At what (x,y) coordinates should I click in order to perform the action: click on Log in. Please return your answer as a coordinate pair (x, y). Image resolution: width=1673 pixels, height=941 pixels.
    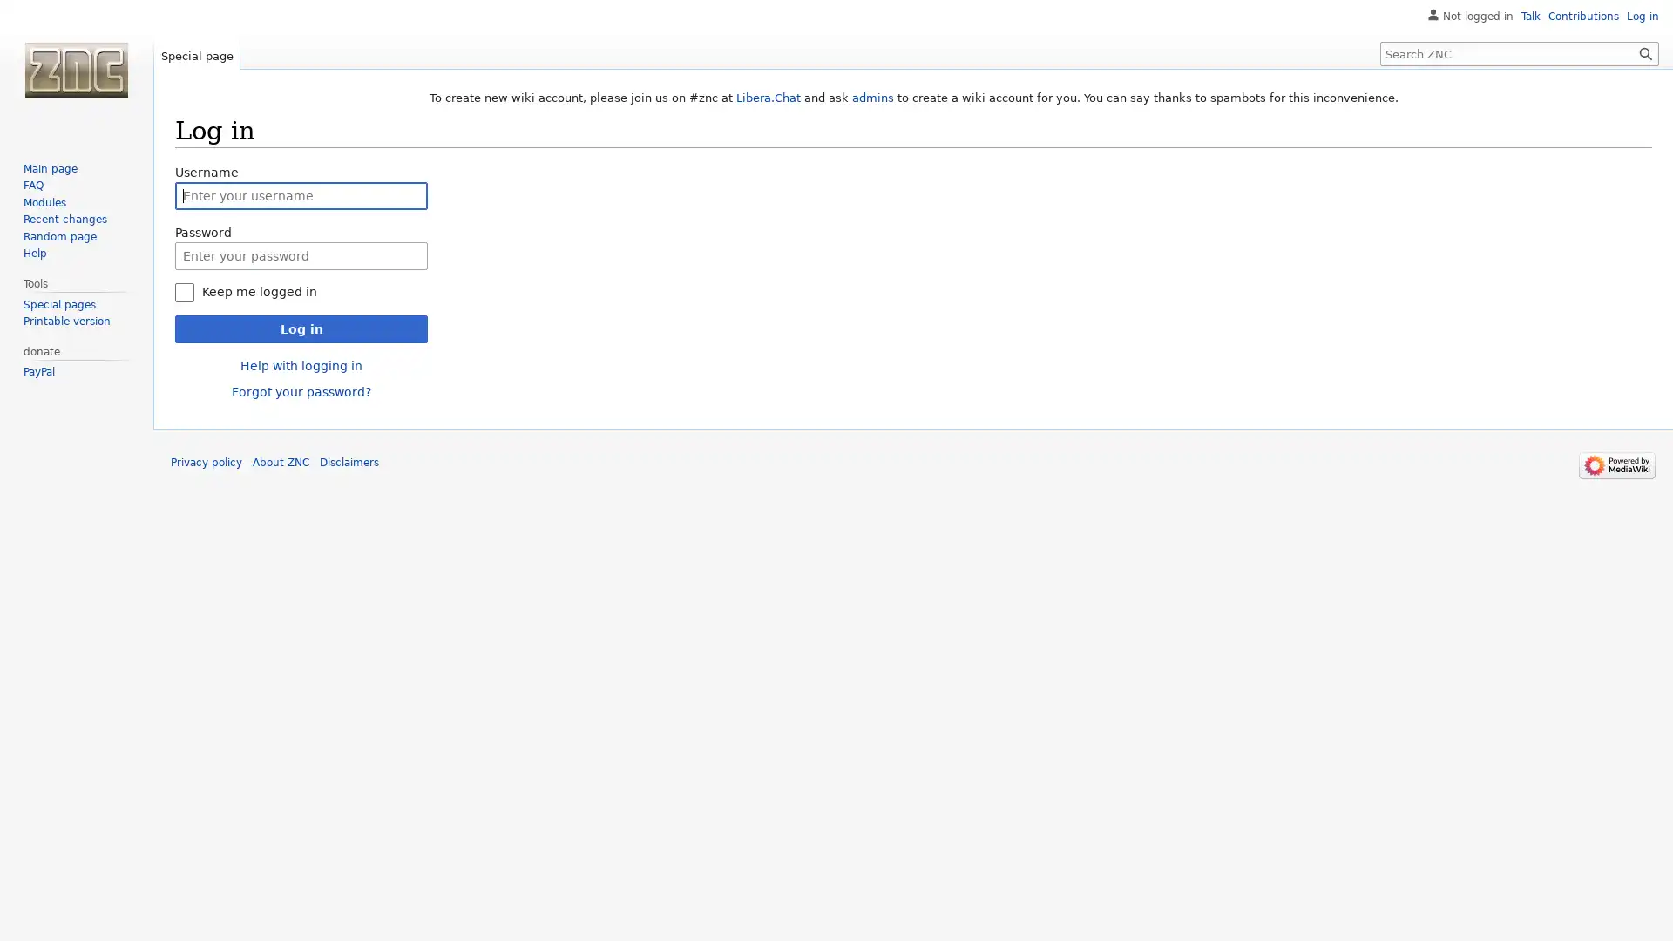
    Looking at the image, I should click on (301, 329).